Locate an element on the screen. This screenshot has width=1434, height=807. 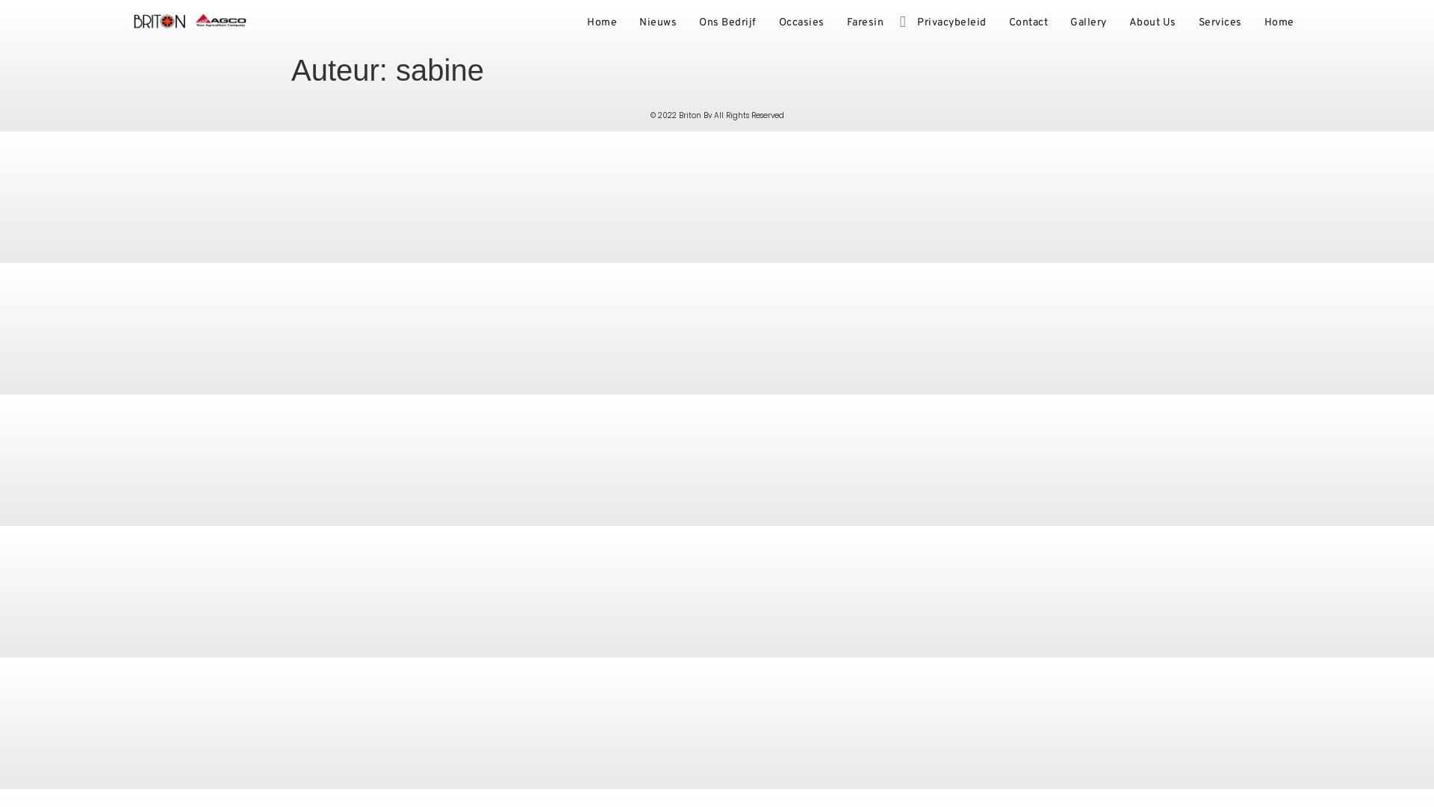
'Privacybeleid' is located at coordinates (905, 22).